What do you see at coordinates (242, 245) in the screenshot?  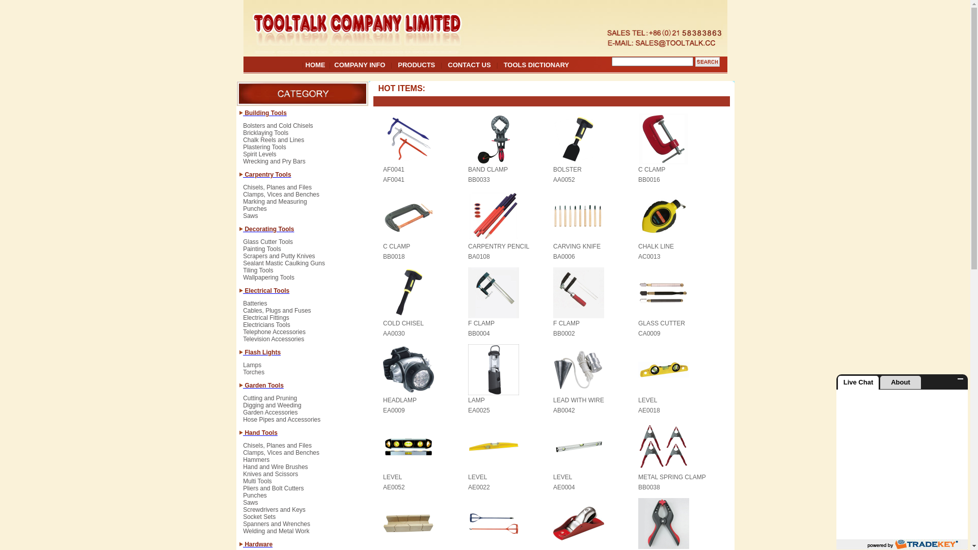 I see `'Glass Cutter Tools'` at bounding box center [242, 245].